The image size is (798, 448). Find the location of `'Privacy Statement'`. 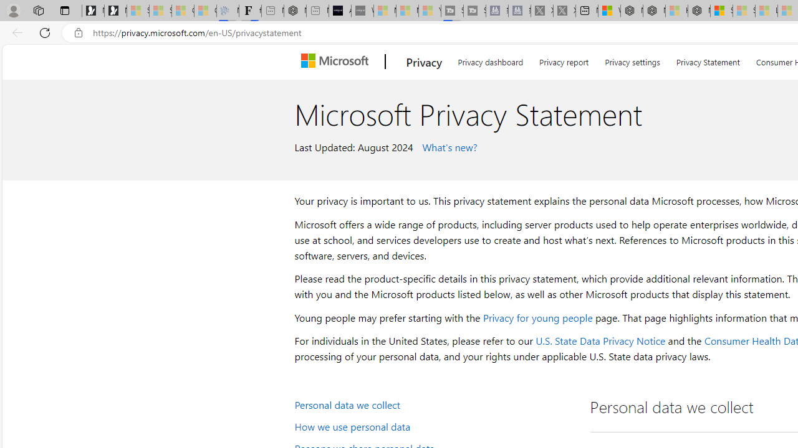

'Privacy Statement' is located at coordinates (708, 60).